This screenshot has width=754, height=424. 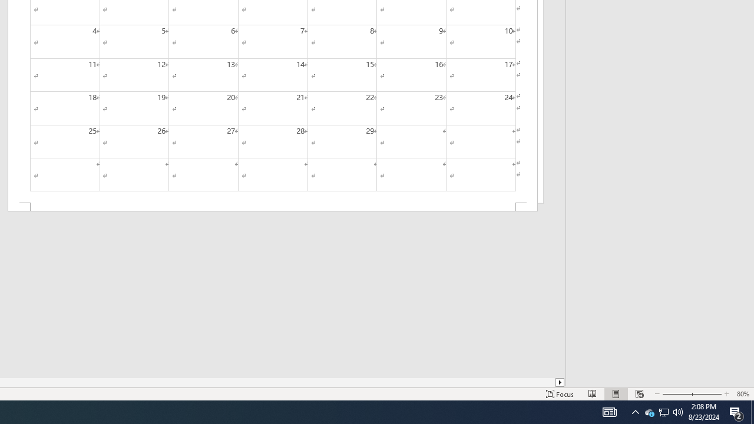 I want to click on 'Read Mode', so click(x=593, y=394).